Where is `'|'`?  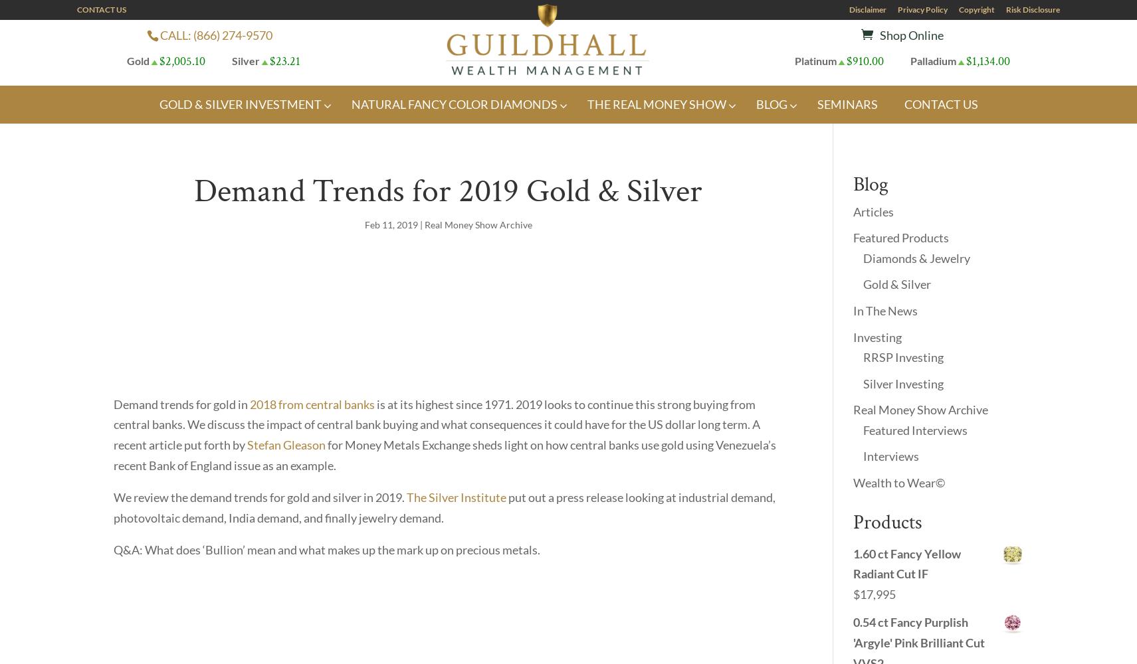 '|' is located at coordinates (420, 223).